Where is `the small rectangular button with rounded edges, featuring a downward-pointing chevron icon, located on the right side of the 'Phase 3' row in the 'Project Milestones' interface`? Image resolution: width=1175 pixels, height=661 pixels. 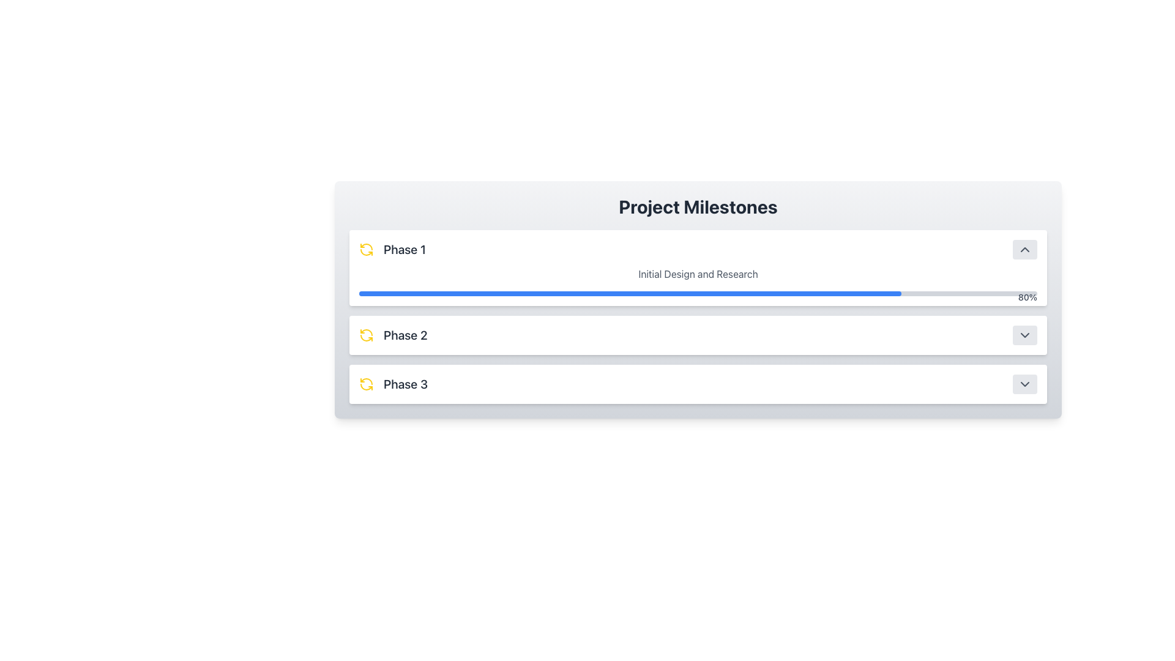 the small rectangular button with rounded edges, featuring a downward-pointing chevron icon, located on the right side of the 'Phase 3' row in the 'Project Milestones' interface is located at coordinates (1025, 384).